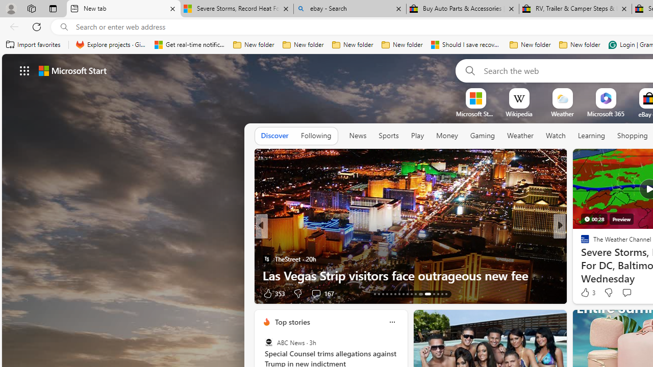 The height and width of the screenshot is (367, 653). What do you see at coordinates (322, 293) in the screenshot?
I see `'View comments 167 Comment'` at bounding box center [322, 293].